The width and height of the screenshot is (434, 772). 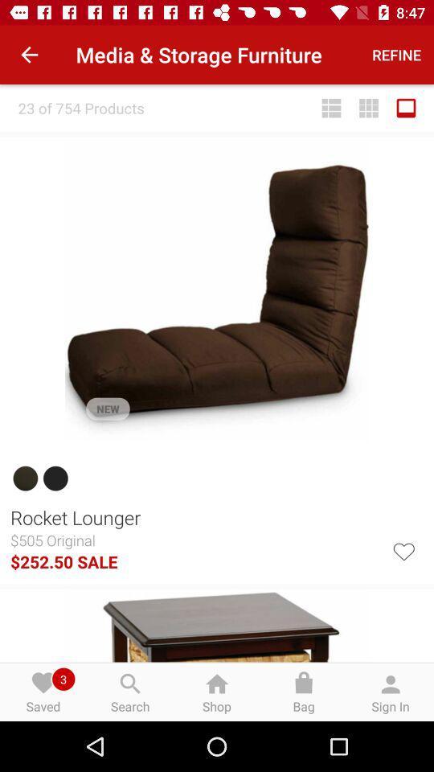 I want to click on the item next to media & storage furniture, so click(x=395, y=55).